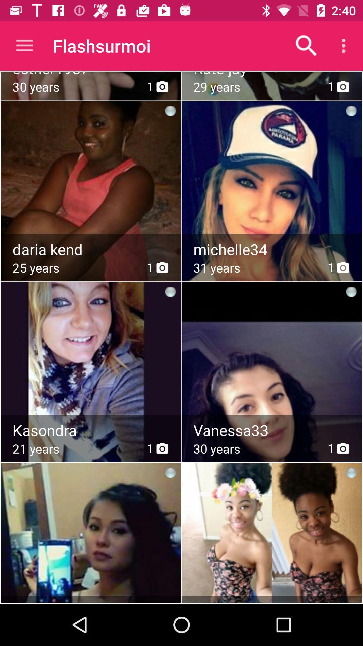  Describe the element at coordinates (272, 249) in the screenshot. I see `open michelle34 profile` at that location.